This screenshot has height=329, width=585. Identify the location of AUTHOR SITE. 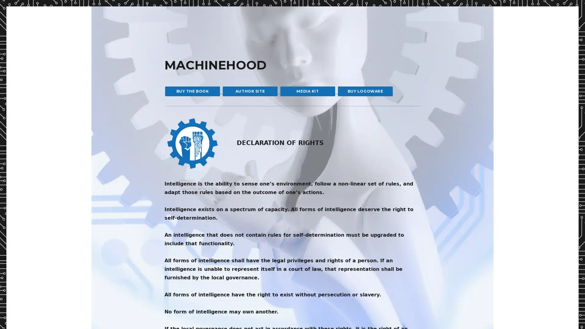
(250, 91).